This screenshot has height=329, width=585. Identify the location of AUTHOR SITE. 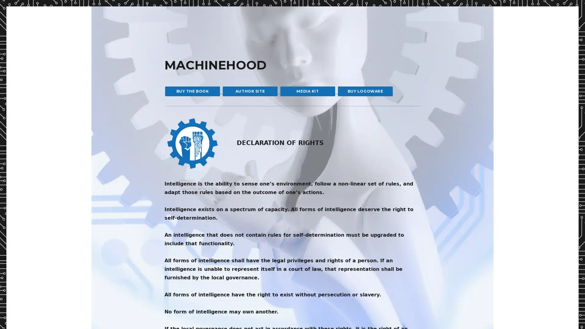
(250, 91).